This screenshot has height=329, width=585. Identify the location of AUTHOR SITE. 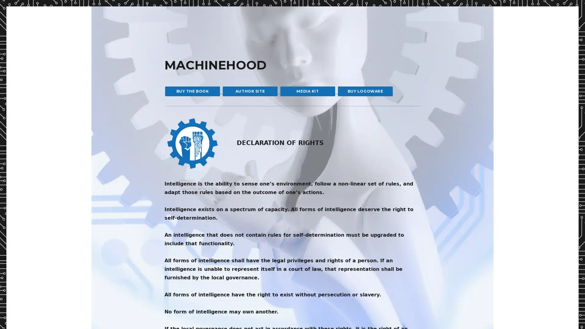
(250, 91).